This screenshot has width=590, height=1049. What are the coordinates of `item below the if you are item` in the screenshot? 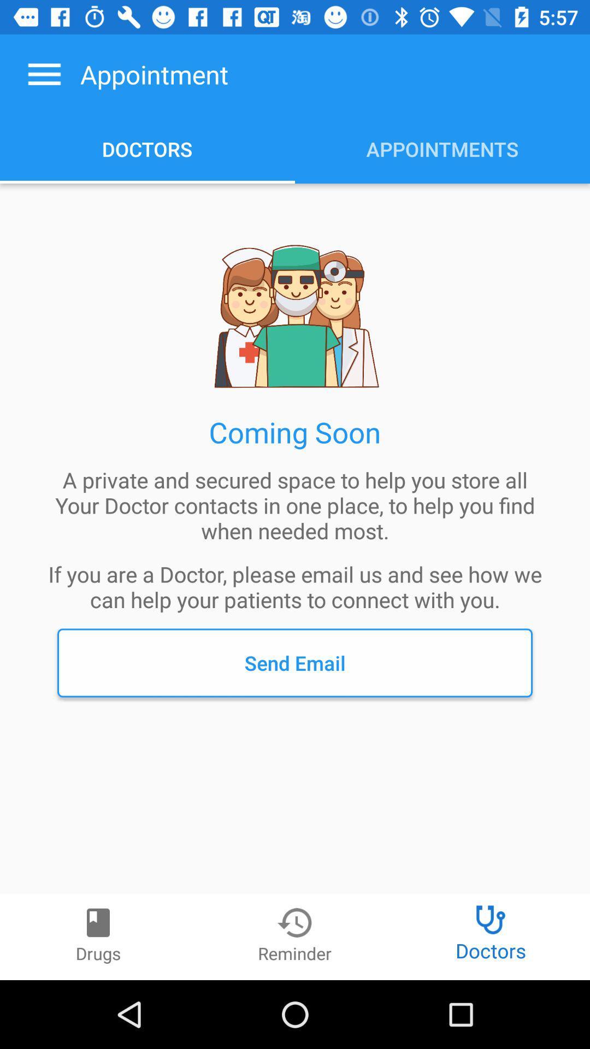 It's located at (295, 662).